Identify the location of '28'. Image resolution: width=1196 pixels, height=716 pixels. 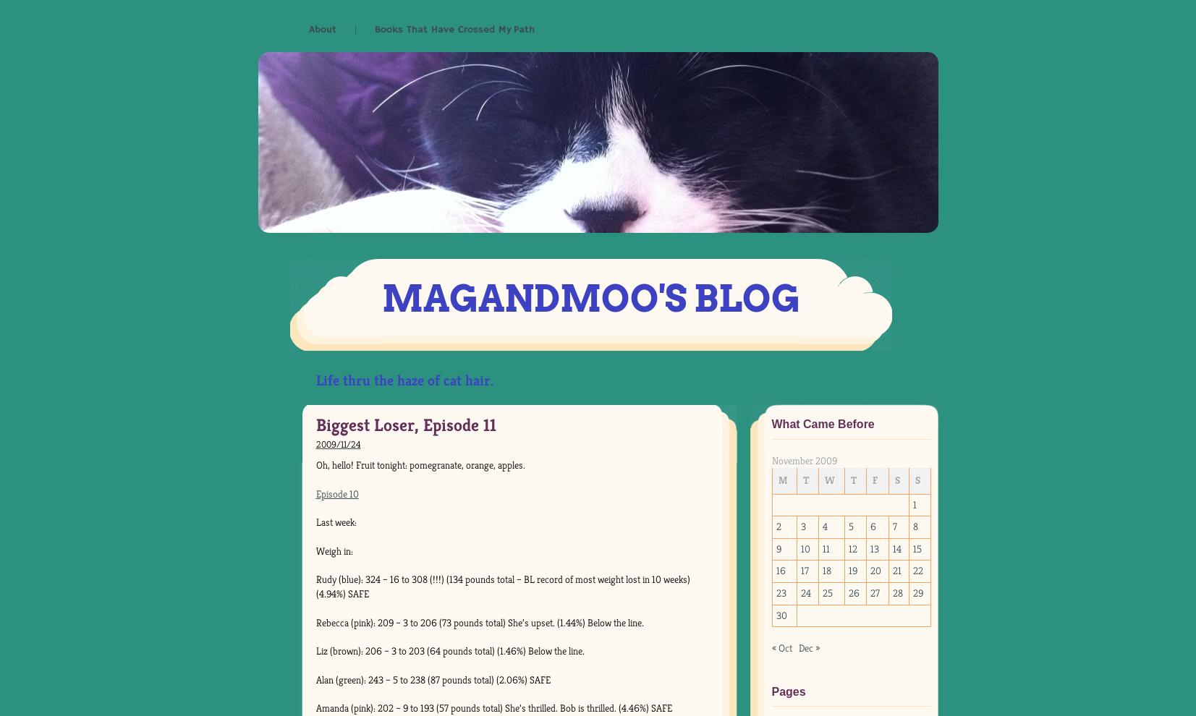
(897, 592).